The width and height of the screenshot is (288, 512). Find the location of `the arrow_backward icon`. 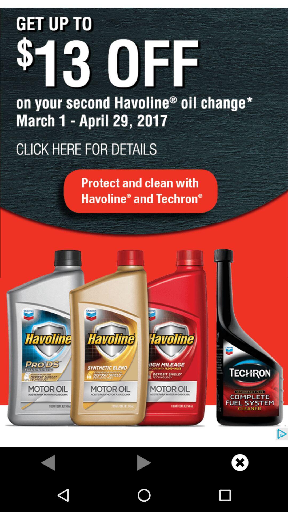

the arrow_backward icon is located at coordinates (48, 495).